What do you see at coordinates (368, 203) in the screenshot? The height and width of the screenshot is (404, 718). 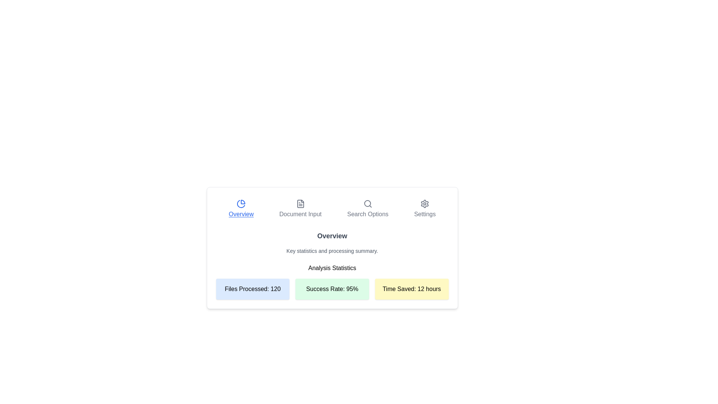 I see `the 'Search Options' icon located in the top navigation bar` at bounding box center [368, 203].